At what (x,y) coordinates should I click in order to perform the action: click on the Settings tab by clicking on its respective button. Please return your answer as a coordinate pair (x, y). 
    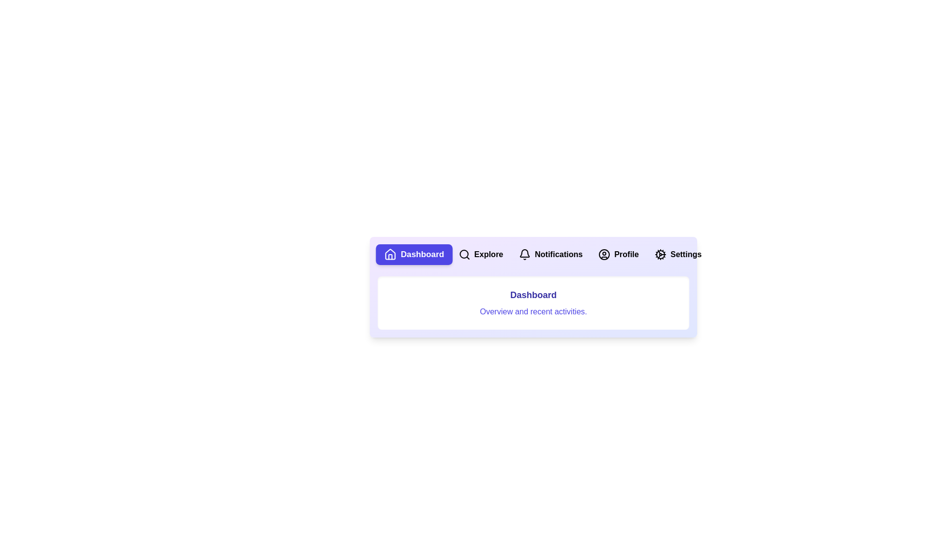
    Looking at the image, I should click on (677, 254).